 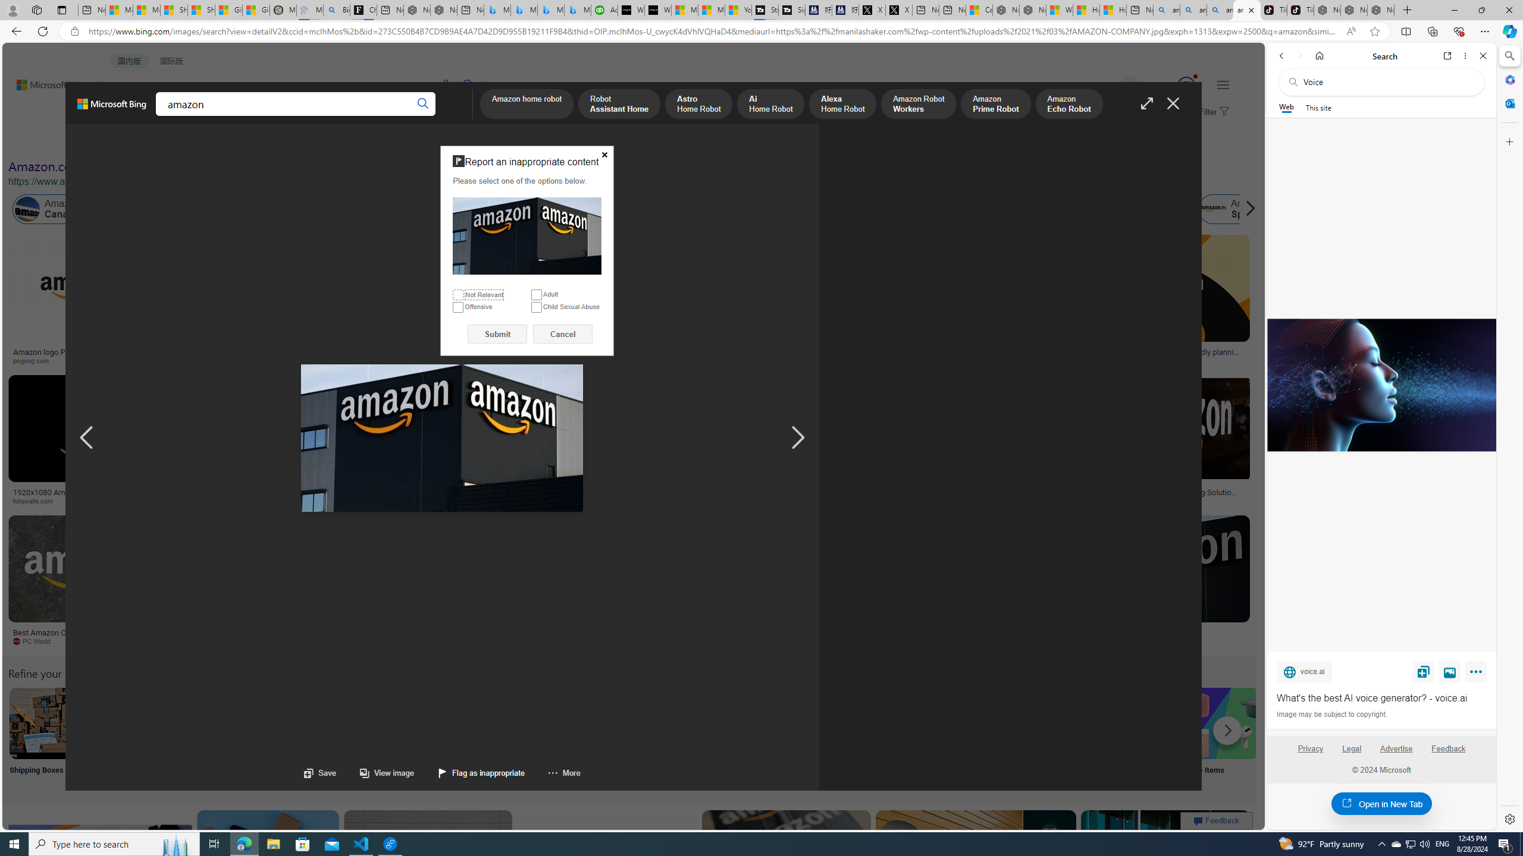 I want to click on 'Invisible focusable element for fixing accessibility issue', so click(x=444, y=147).